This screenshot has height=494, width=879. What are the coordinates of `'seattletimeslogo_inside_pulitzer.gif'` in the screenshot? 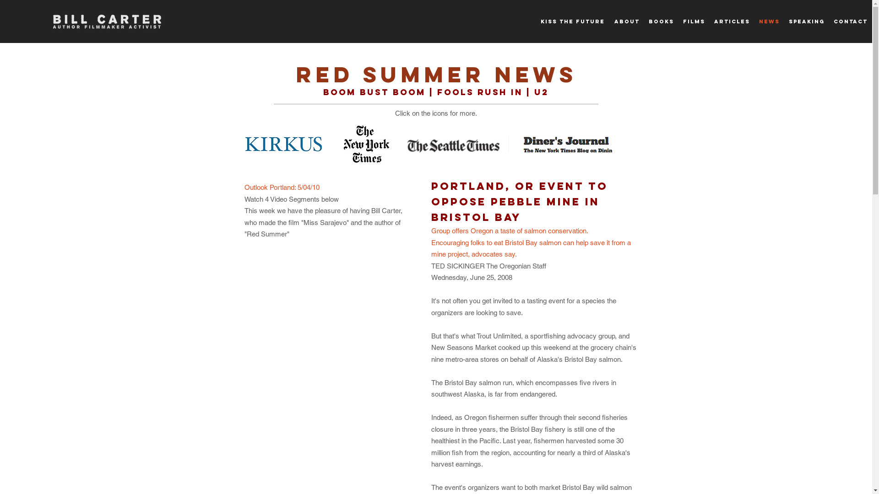 It's located at (458, 144).